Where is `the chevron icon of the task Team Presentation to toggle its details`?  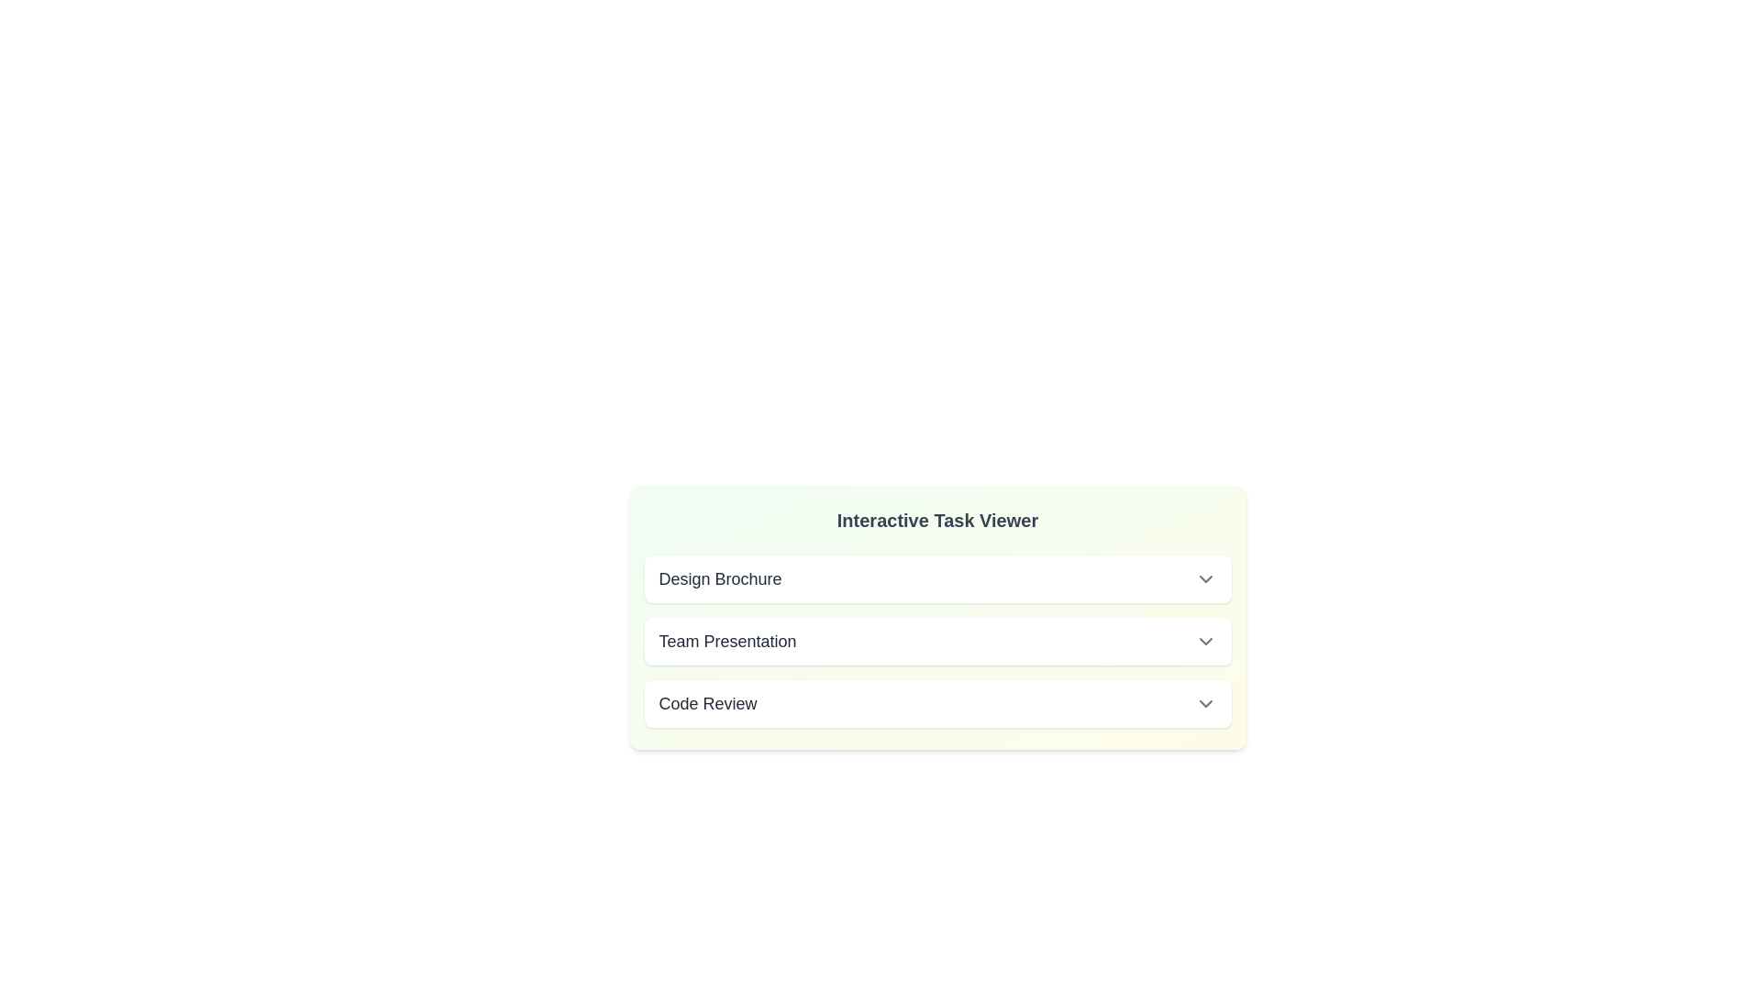 the chevron icon of the task Team Presentation to toggle its details is located at coordinates (1205, 640).